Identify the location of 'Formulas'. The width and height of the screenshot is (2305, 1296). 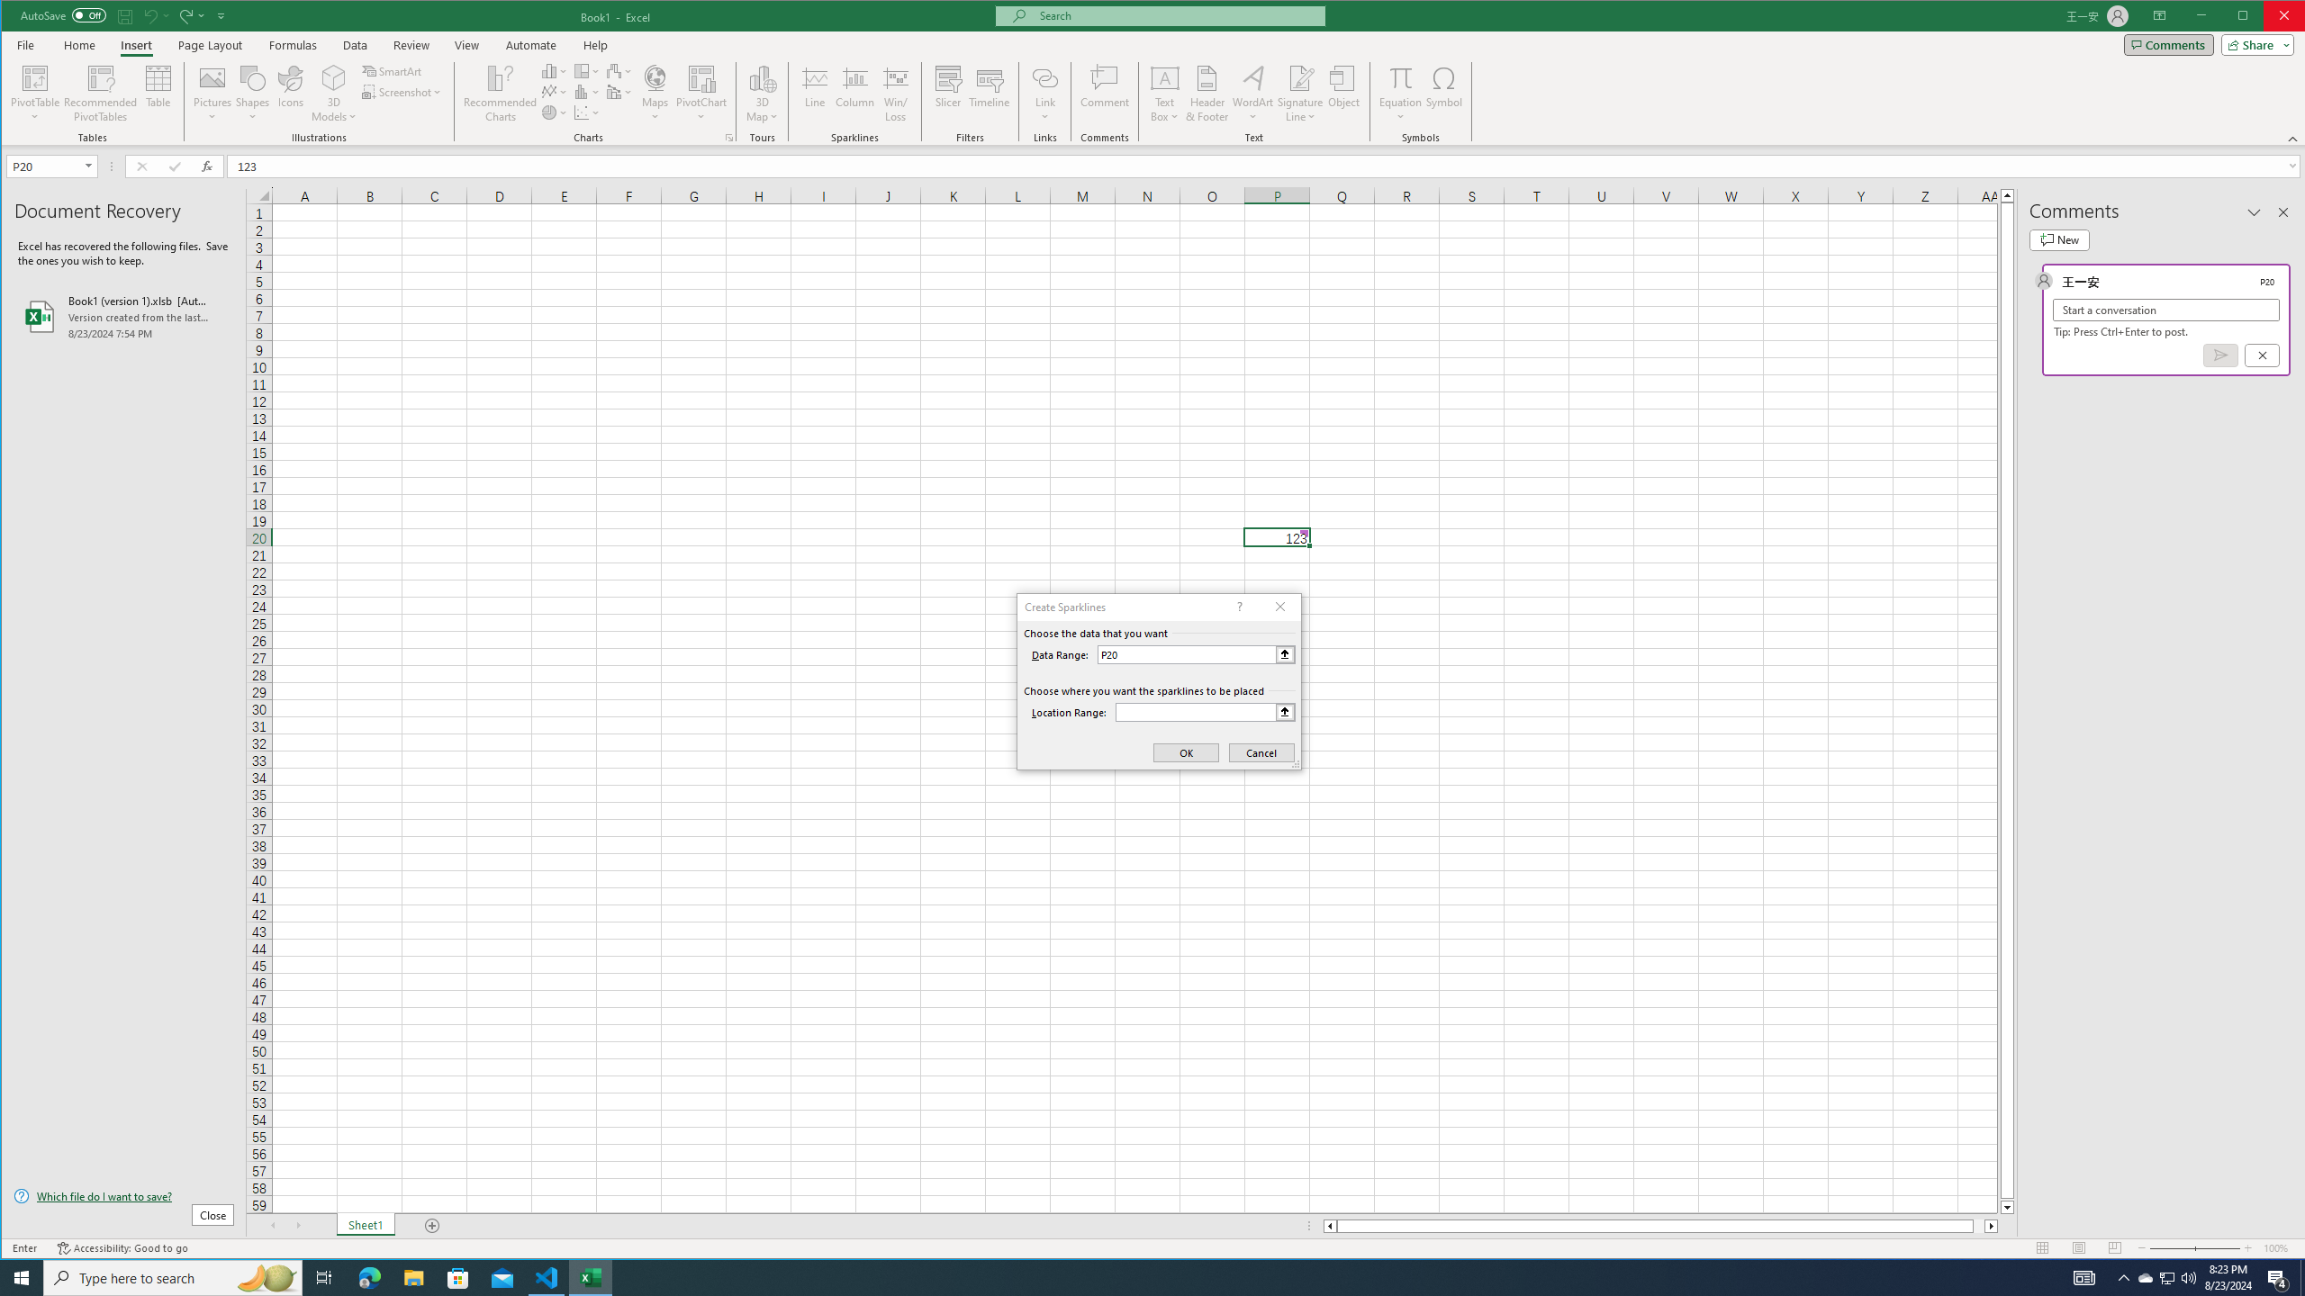
(293, 44).